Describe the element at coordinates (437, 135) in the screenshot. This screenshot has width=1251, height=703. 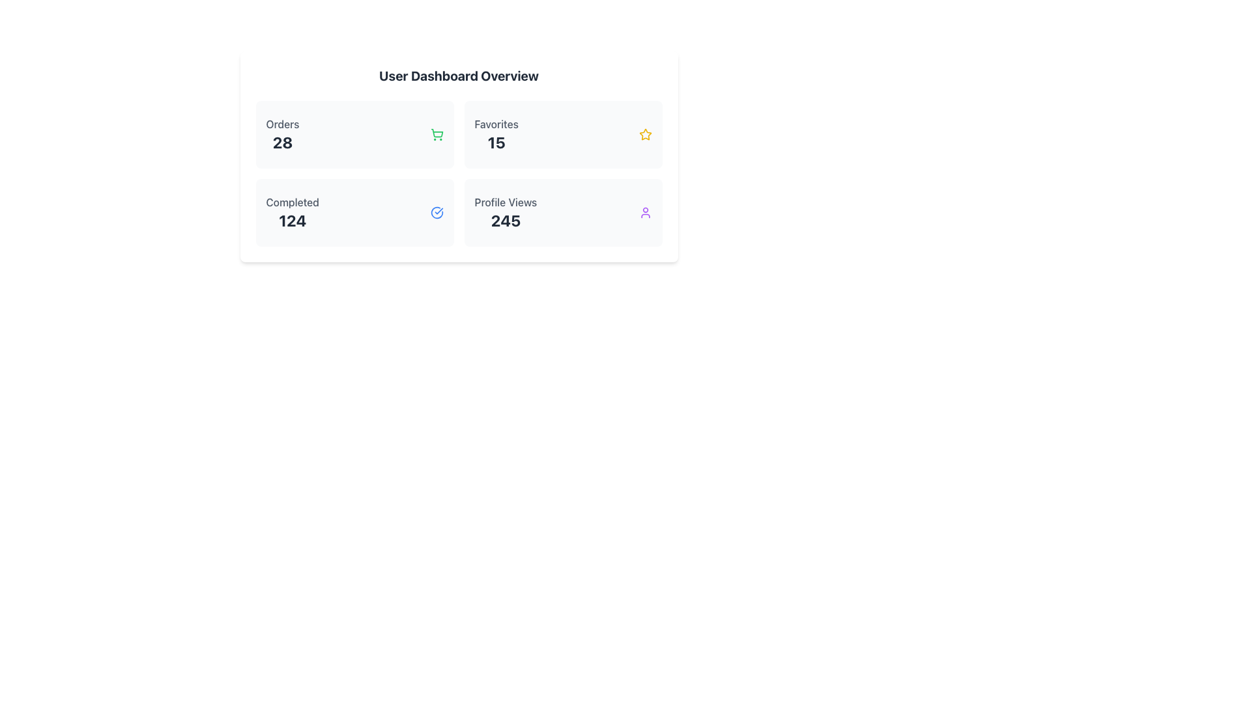
I see `the green shopping cart icon located in the top-right corner of the 'Orders' card, adjacent to the numerical value '28'` at that location.